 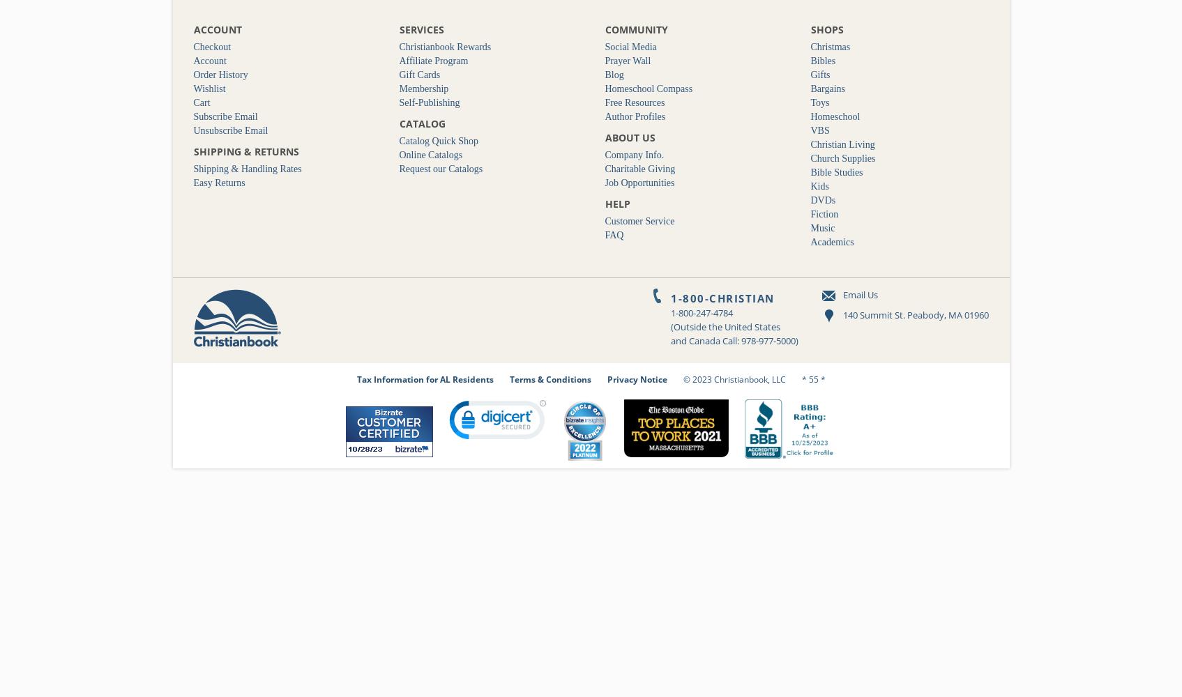 What do you see at coordinates (705, 339) in the screenshot?
I see `'and Canada Call:'` at bounding box center [705, 339].